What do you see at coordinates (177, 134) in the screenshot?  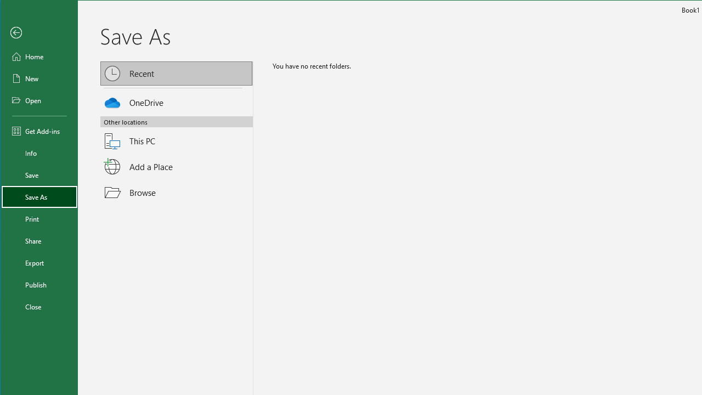 I see `'This PC'` at bounding box center [177, 134].